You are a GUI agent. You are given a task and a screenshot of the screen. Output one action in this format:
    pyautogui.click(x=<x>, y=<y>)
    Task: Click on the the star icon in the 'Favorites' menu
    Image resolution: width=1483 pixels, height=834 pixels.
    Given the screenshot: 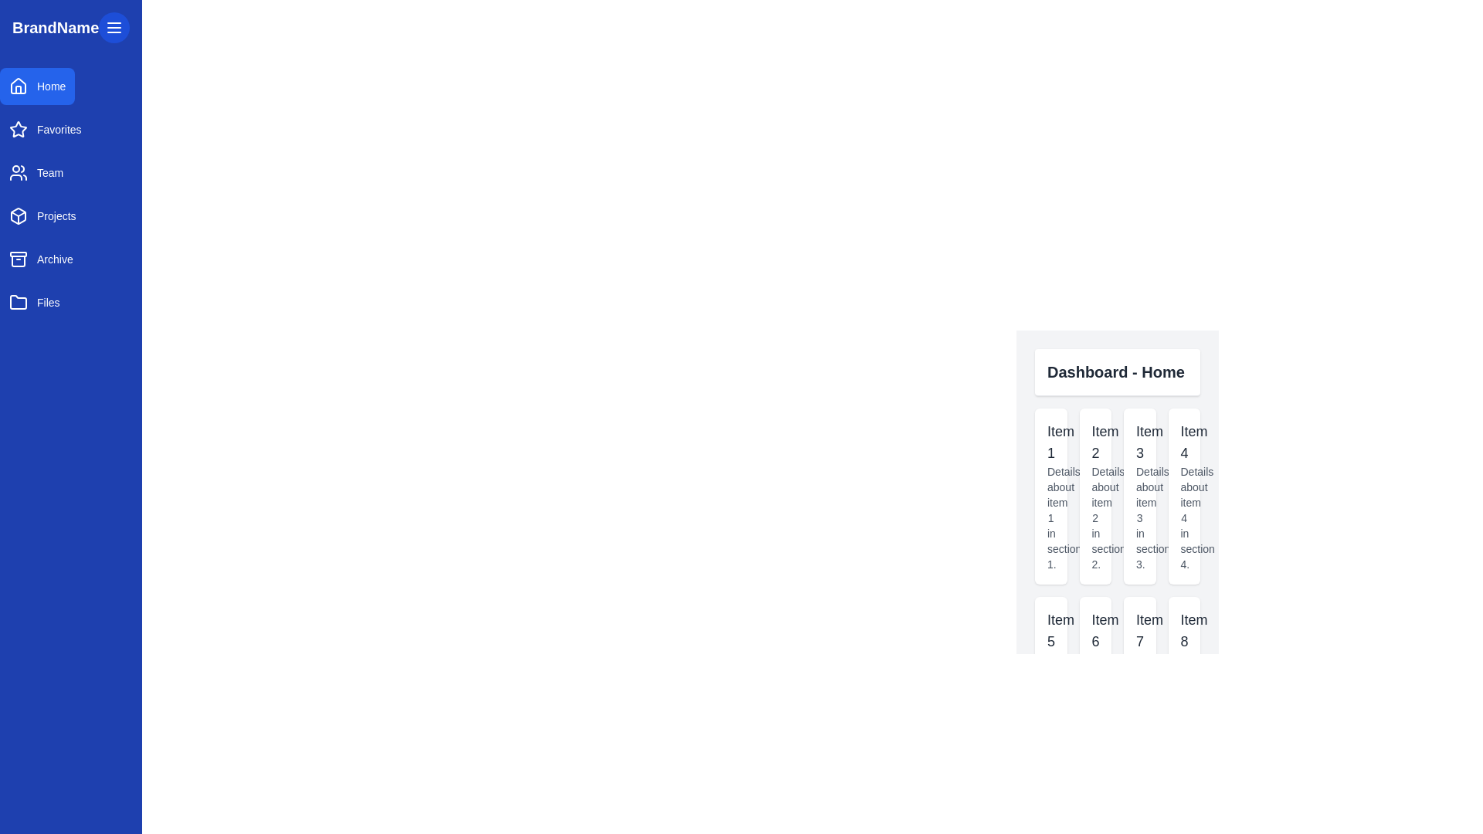 What is the action you would take?
    pyautogui.click(x=19, y=128)
    